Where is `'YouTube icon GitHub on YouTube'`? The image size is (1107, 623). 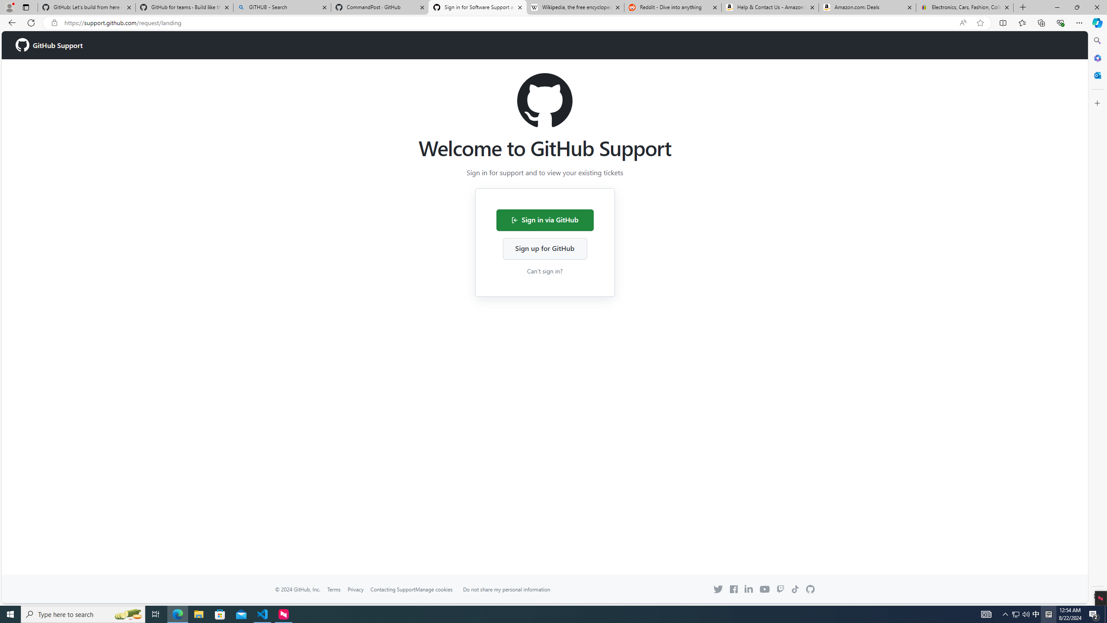 'YouTube icon GitHub on YouTube' is located at coordinates (764, 588).